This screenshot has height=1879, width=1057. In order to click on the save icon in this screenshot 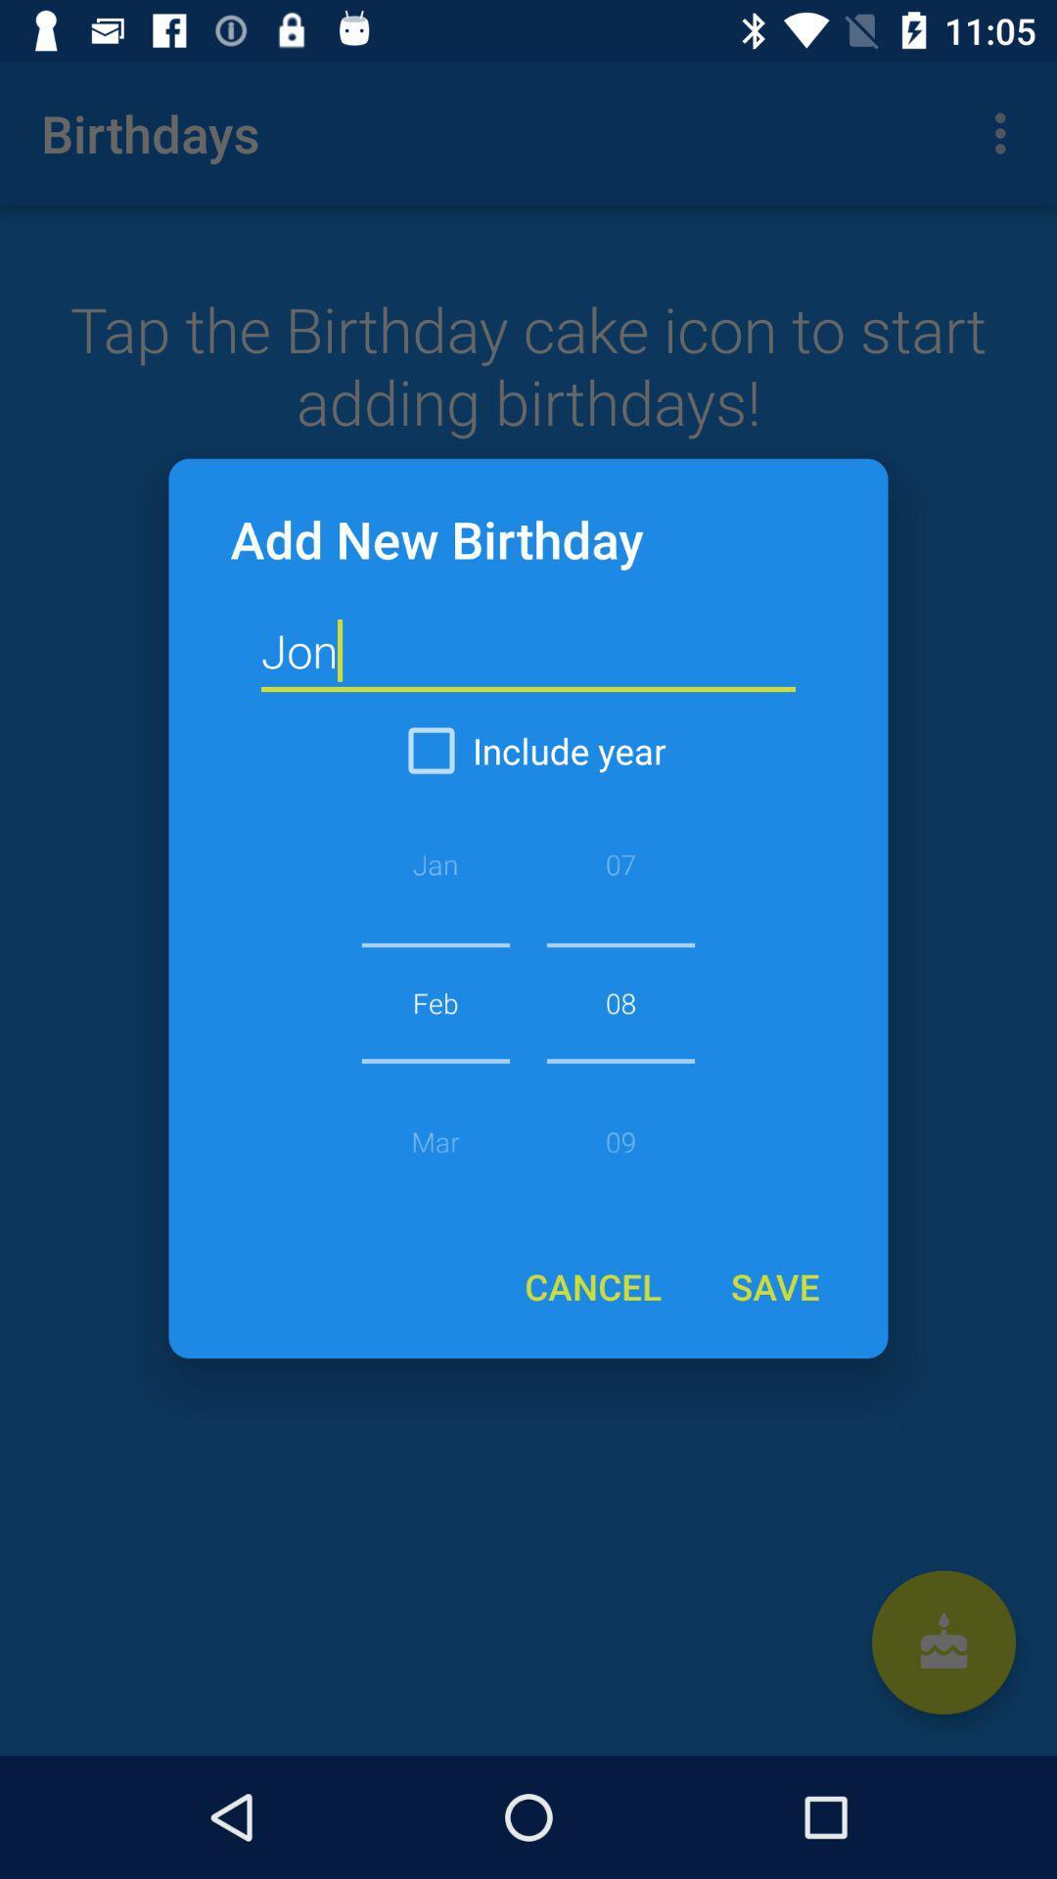, I will do `click(773, 1286)`.